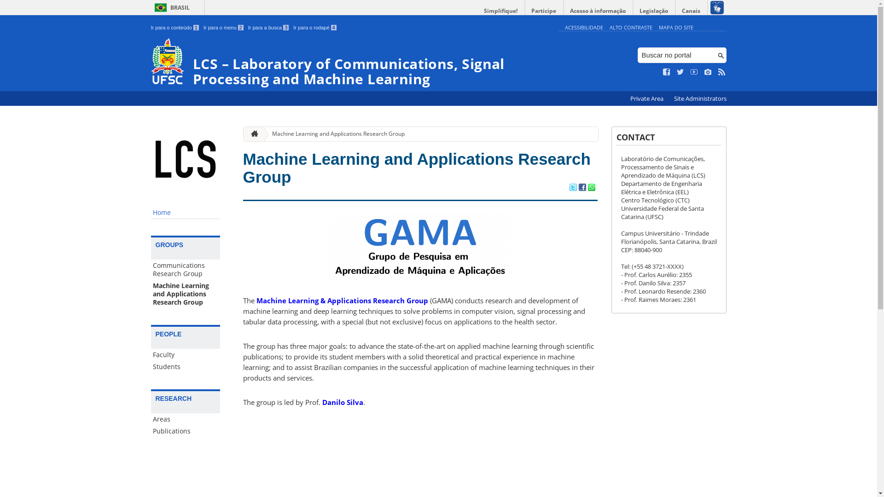 The height and width of the screenshot is (497, 884). I want to click on 'Canais', so click(692, 11).